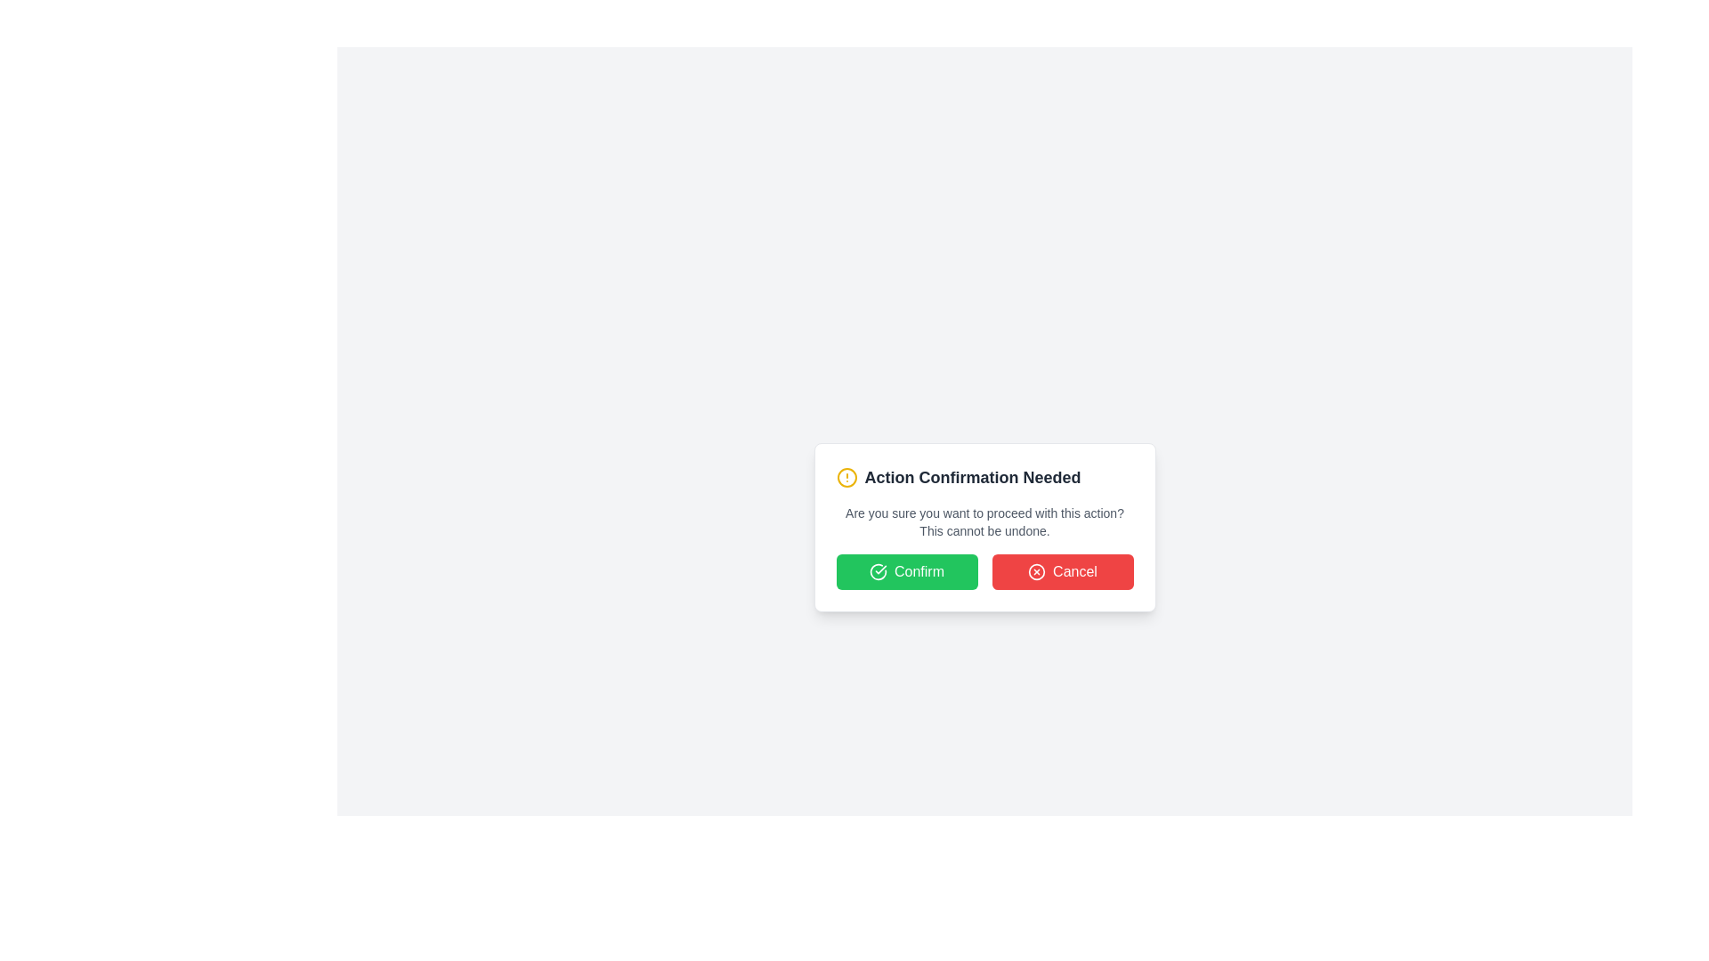 The height and width of the screenshot is (961, 1709). What do you see at coordinates (1063, 572) in the screenshot?
I see `the cancel button located in the bottom-right portion of the modal dialog, which is the second button to the right of the green 'Confirm' button, to change its color` at bounding box center [1063, 572].